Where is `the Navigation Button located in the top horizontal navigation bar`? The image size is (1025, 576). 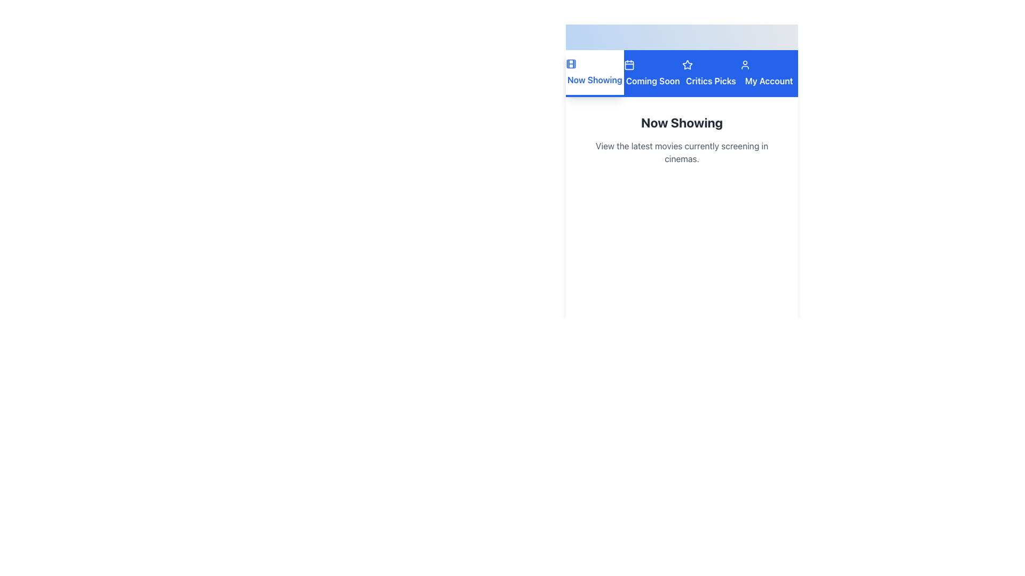 the Navigation Button located in the top horizontal navigation bar is located at coordinates (769, 73).